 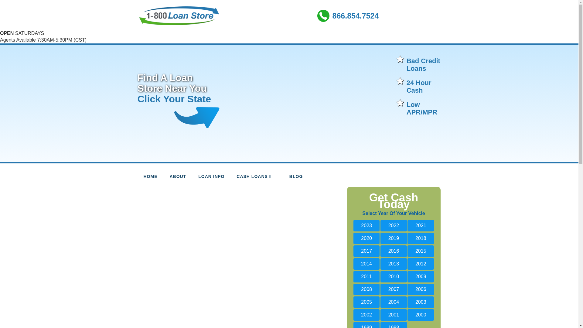 What do you see at coordinates (211, 176) in the screenshot?
I see `'LOAN INFO'` at bounding box center [211, 176].